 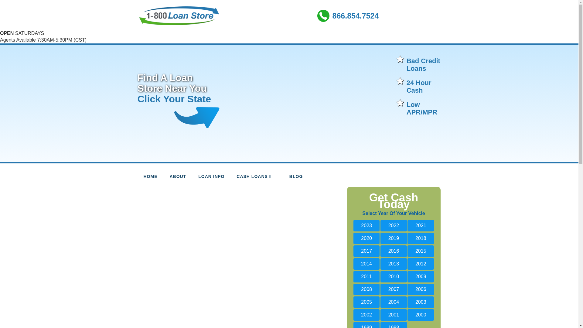 What do you see at coordinates (211, 176) in the screenshot?
I see `'LOAN INFO'` at bounding box center [211, 176].